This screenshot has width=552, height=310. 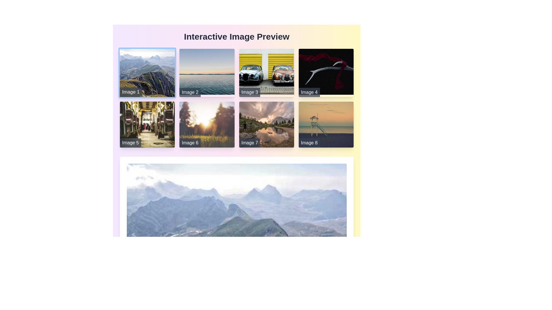 What do you see at coordinates (207, 73) in the screenshot?
I see `the image card labeled 'Image 2'` at bounding box center [207, 73].